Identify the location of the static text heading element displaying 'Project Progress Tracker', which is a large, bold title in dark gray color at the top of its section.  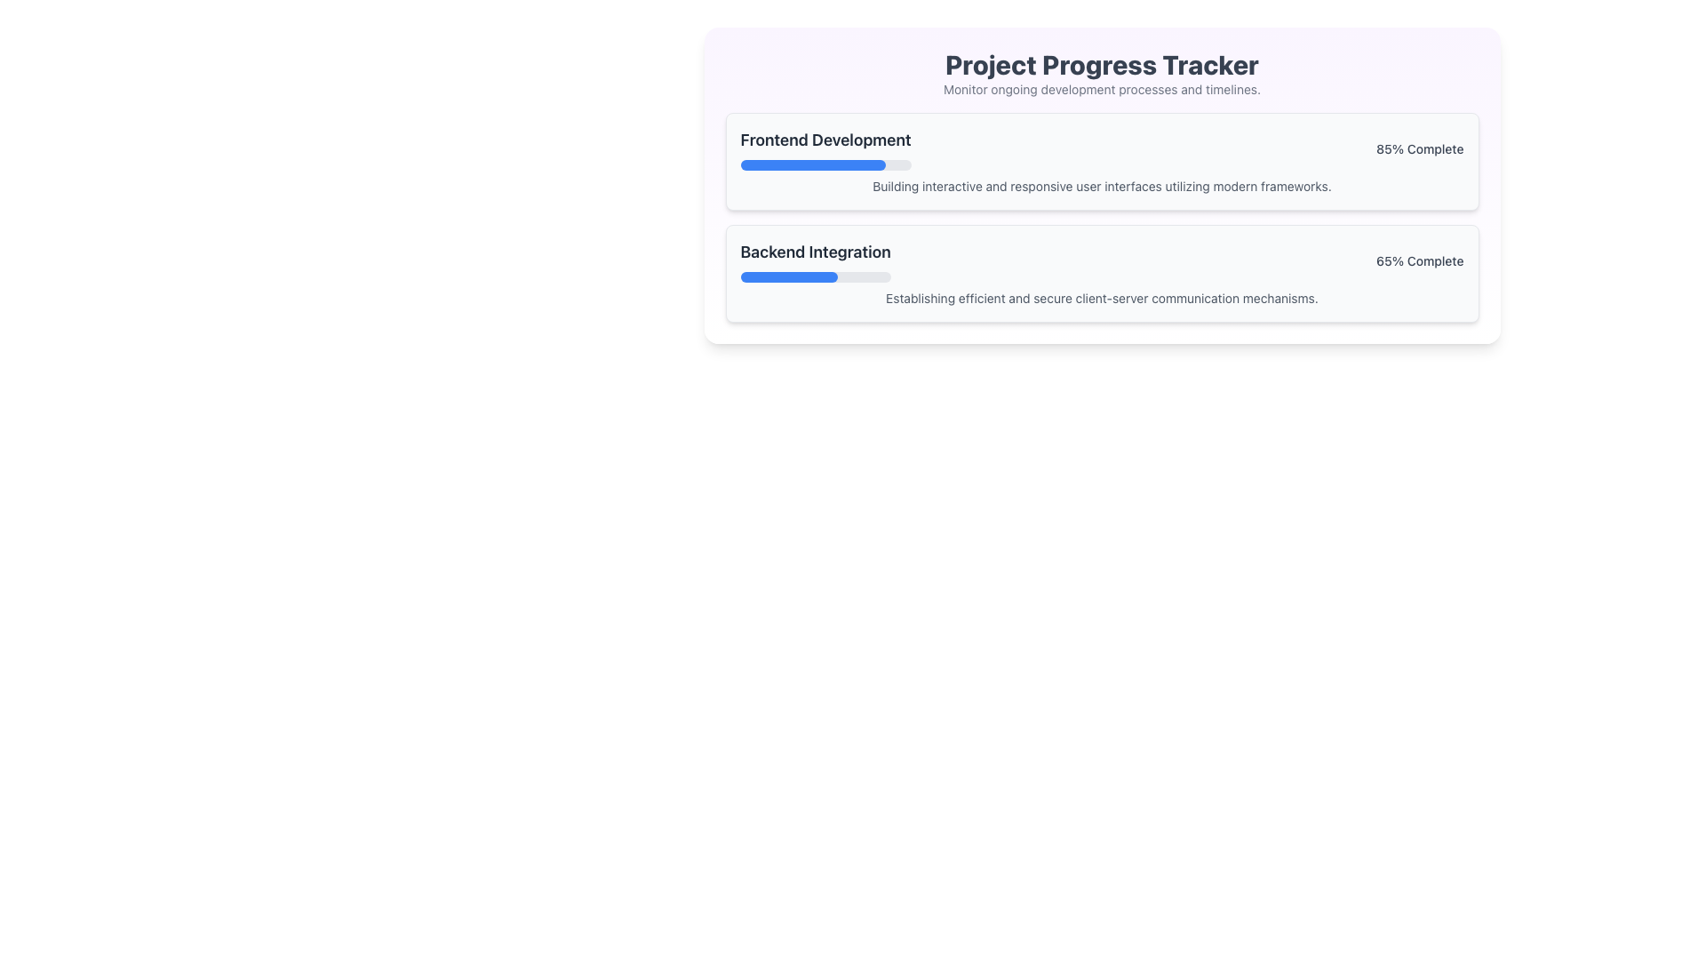
(1101, 64).